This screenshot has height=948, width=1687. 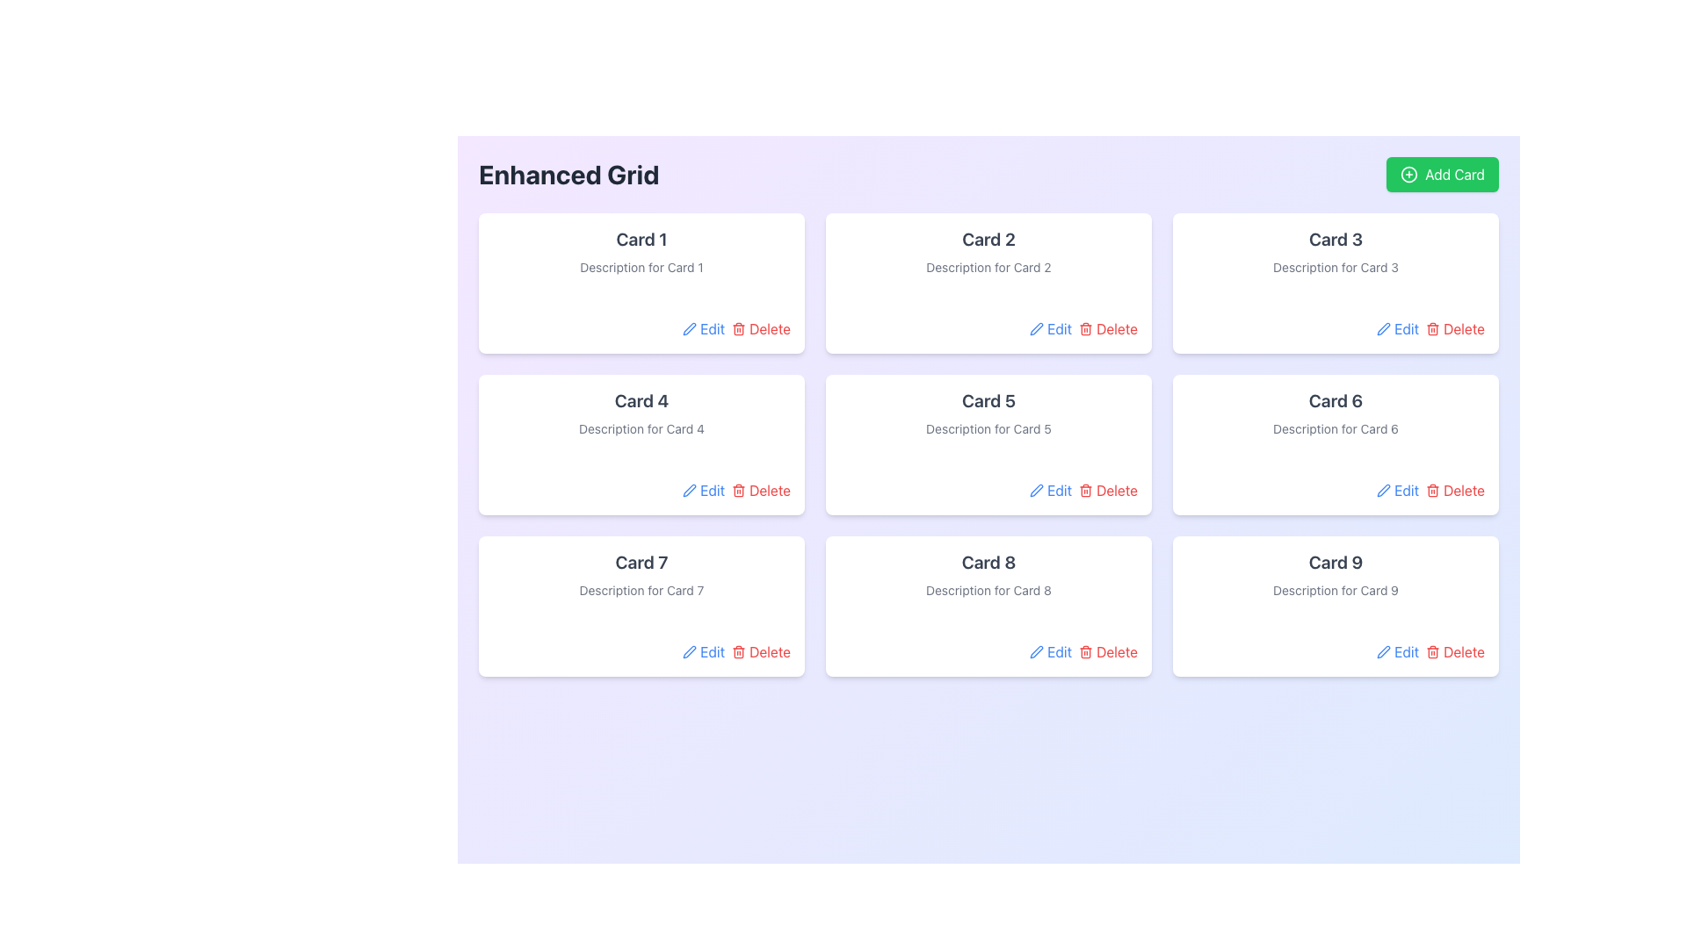 I want to click on the middle card in the bottom row of a grid layout that contains title and description for a content item, so click(x=988, y=605).